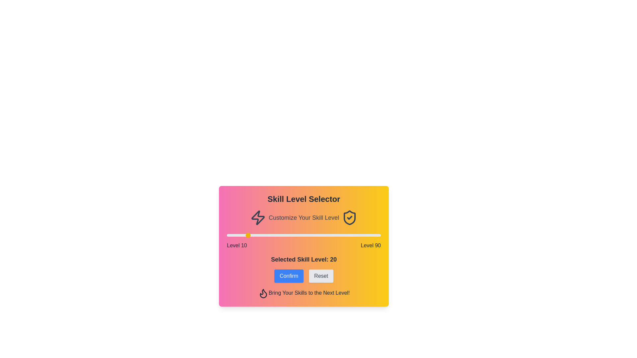 Image resolution: width=637 pixels, height=358 pixels. I want to click on 'Confirm' button to save the selection, so click(289, 276).